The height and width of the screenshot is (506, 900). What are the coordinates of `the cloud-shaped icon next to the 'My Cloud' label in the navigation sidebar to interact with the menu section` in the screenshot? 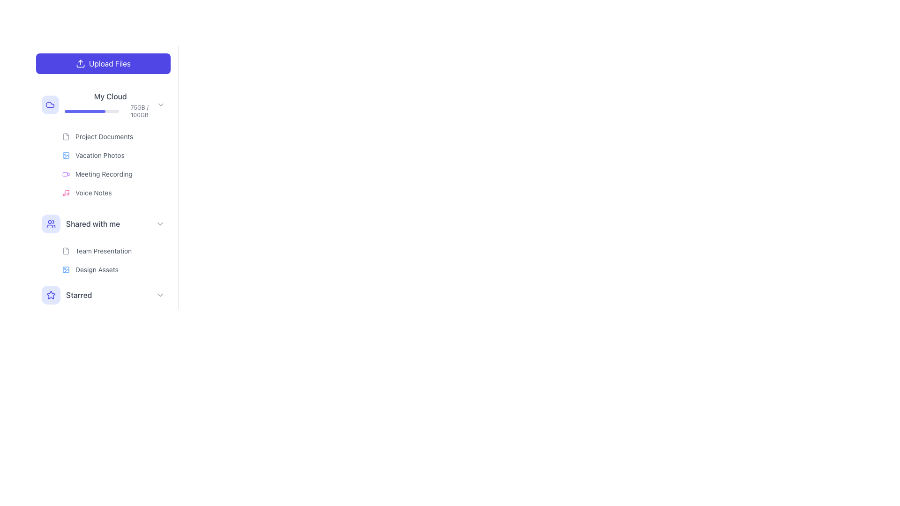 It's located at (50, 104).